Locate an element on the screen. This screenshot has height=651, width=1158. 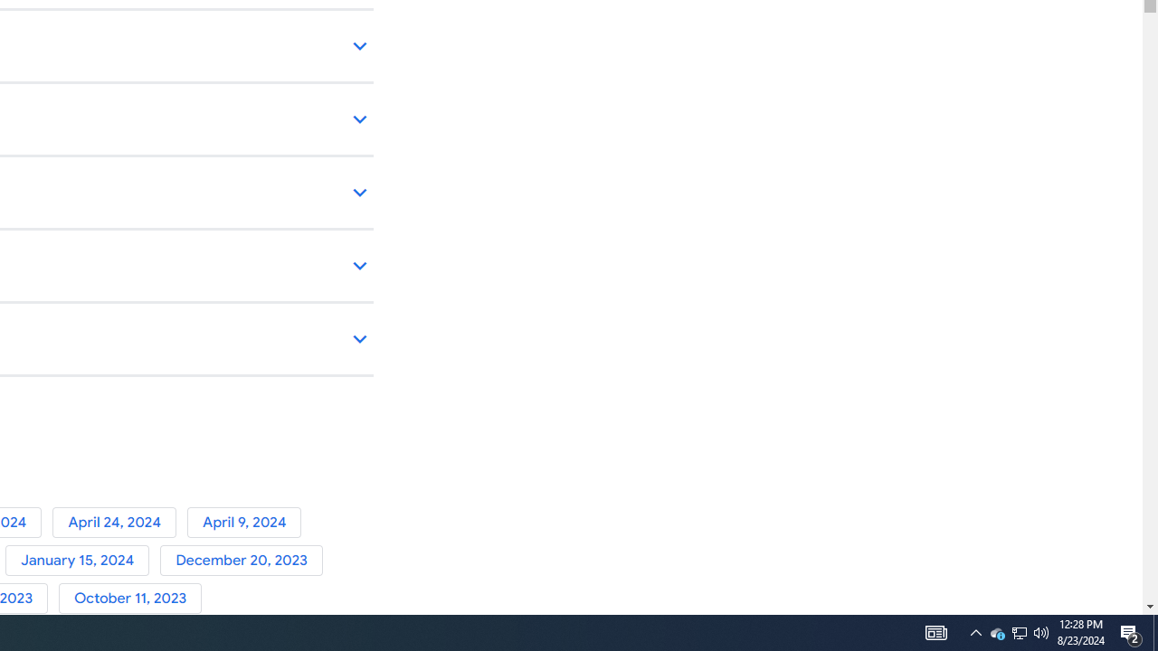
'January 15, 2024' is located at coordinates (81, 560).